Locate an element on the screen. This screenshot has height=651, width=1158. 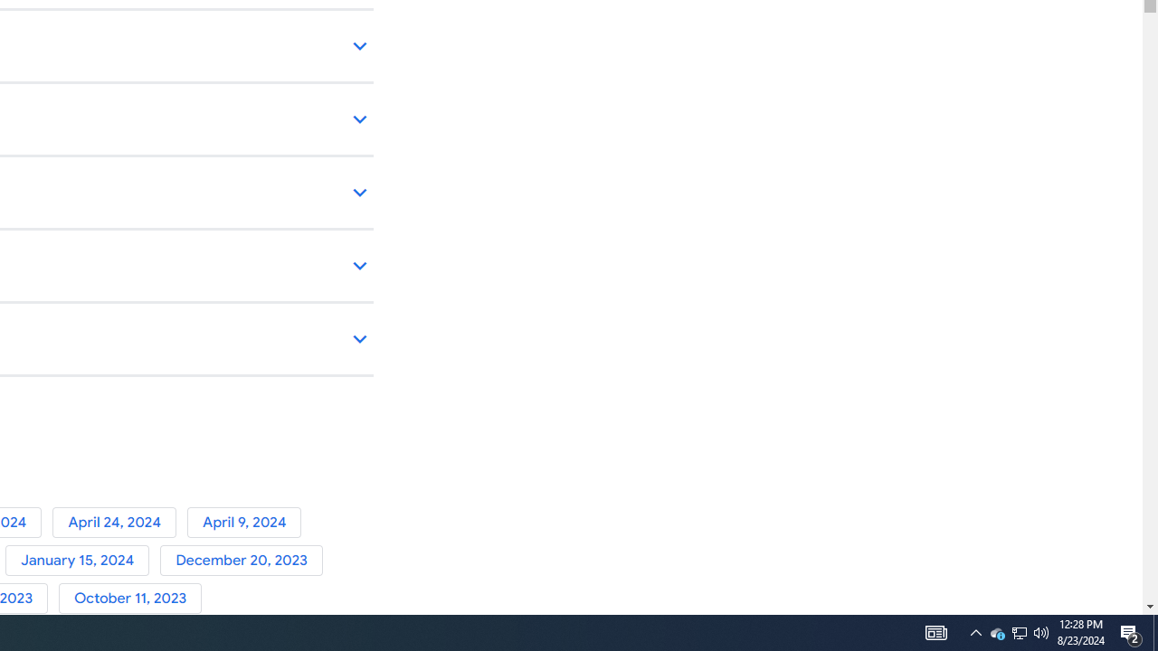
'January 15, 2024' is located at coordinates (81, 560).